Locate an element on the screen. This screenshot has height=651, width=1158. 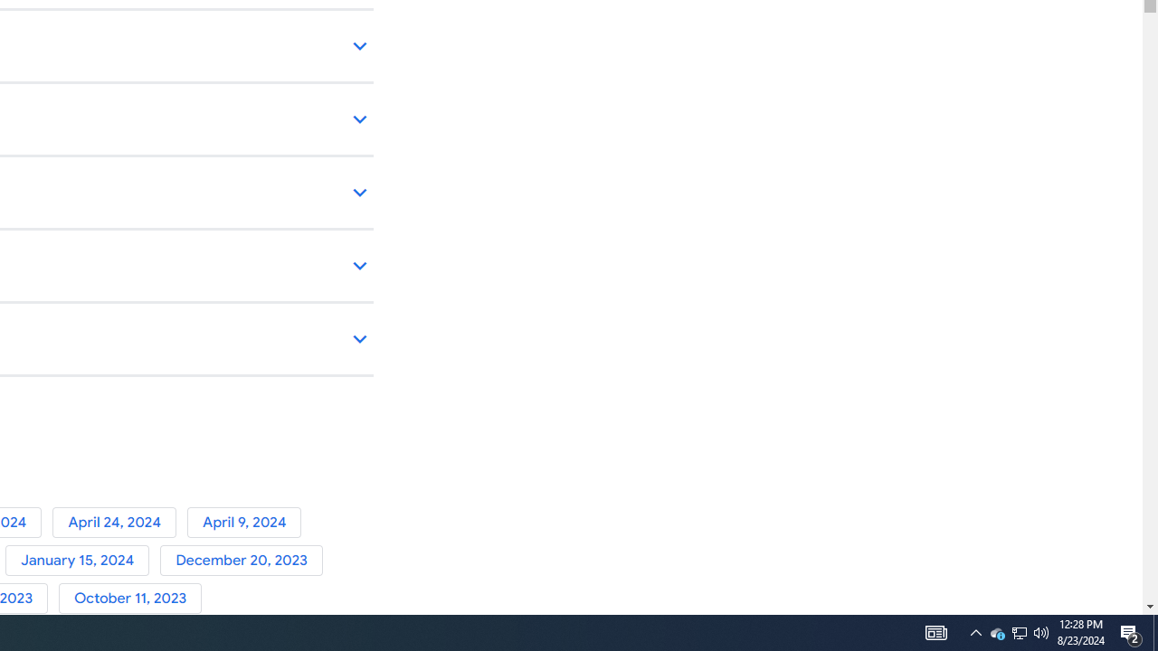
'January 15, 2024' is located at coordinates (81, 560).